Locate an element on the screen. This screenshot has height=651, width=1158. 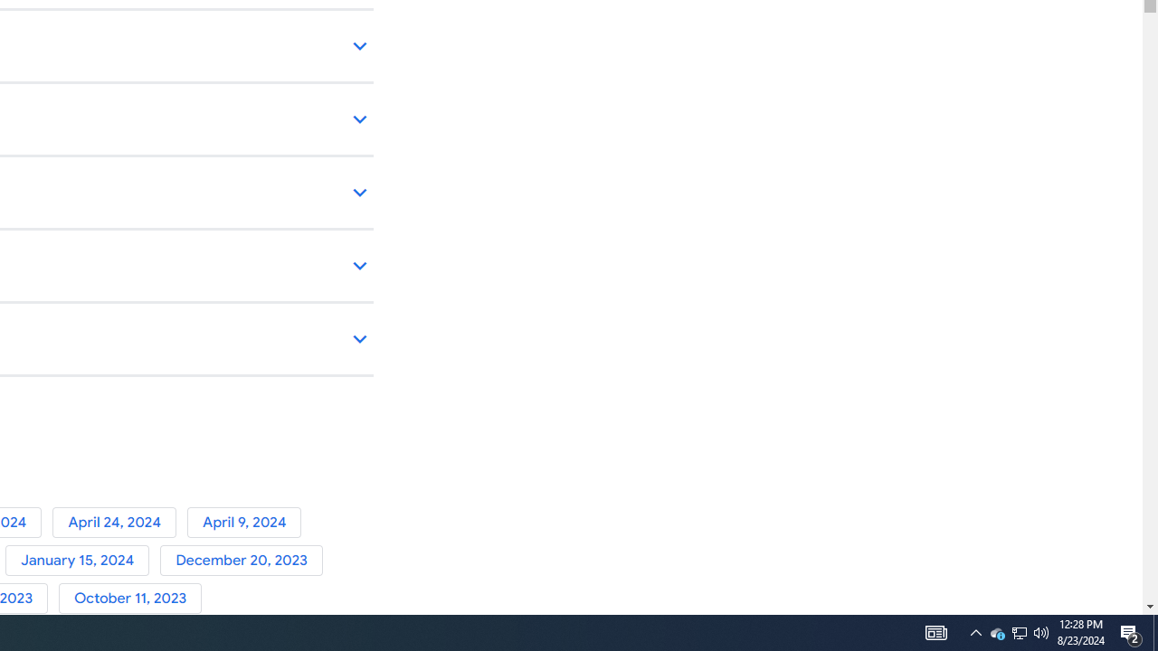
'January 15, 2024' is located at coordinates (81, 560).